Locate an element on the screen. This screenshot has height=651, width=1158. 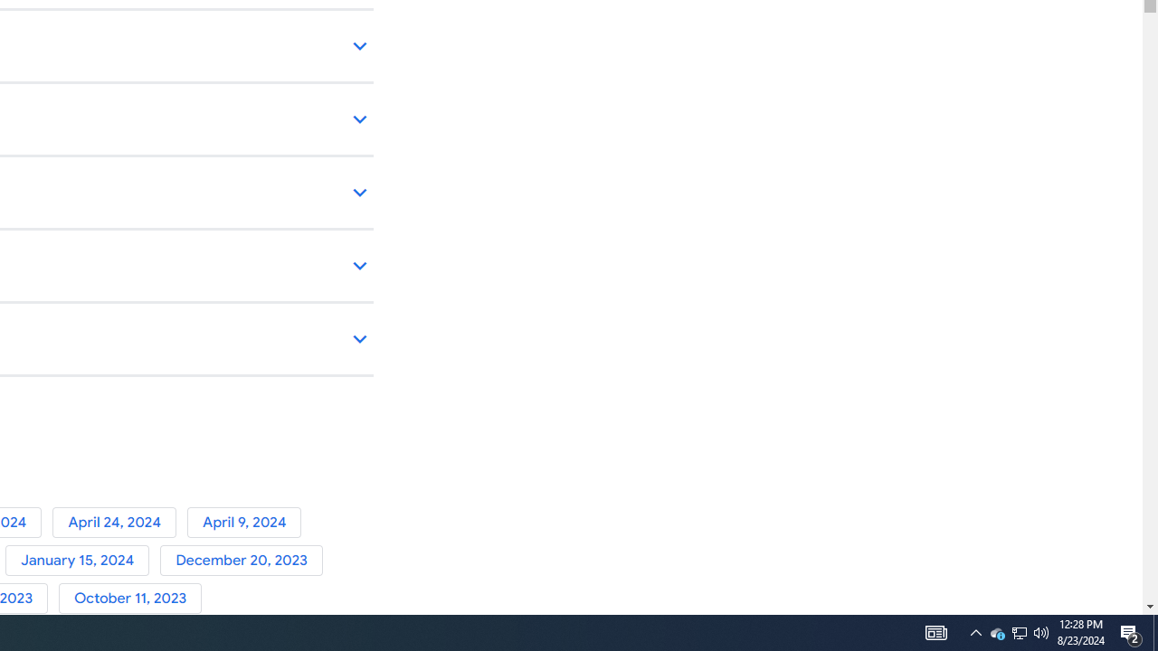
'January 15, 2024' is located at coordinates (81, 560).